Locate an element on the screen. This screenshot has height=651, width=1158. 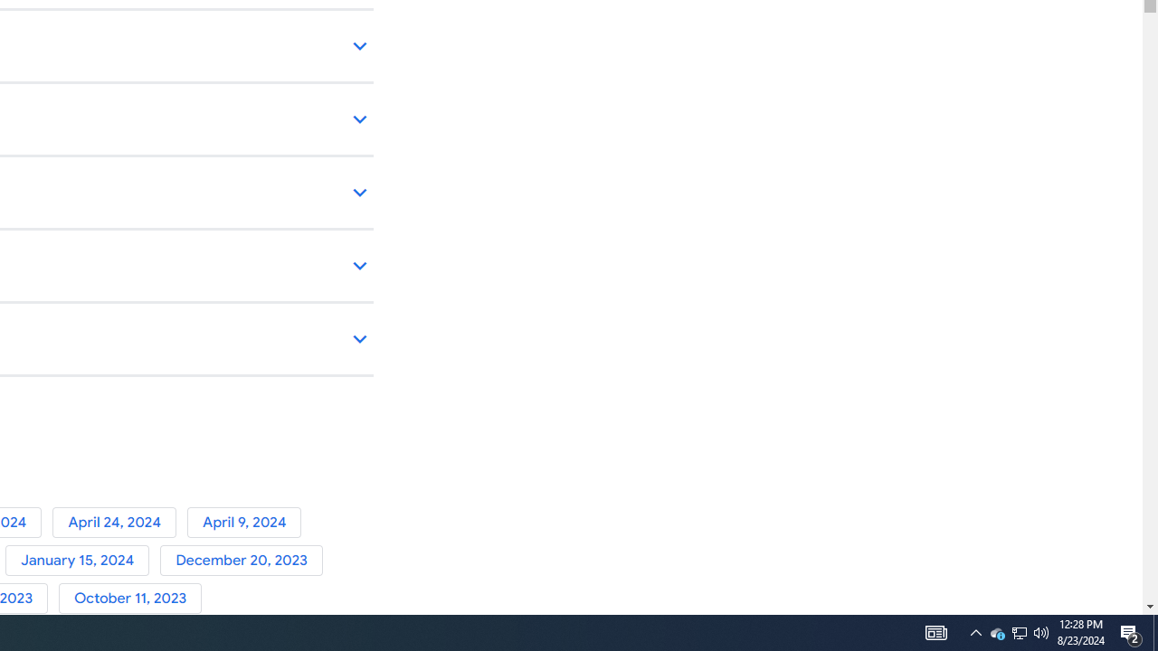
'January 15, 2024' is located at coordinates (81, 560).